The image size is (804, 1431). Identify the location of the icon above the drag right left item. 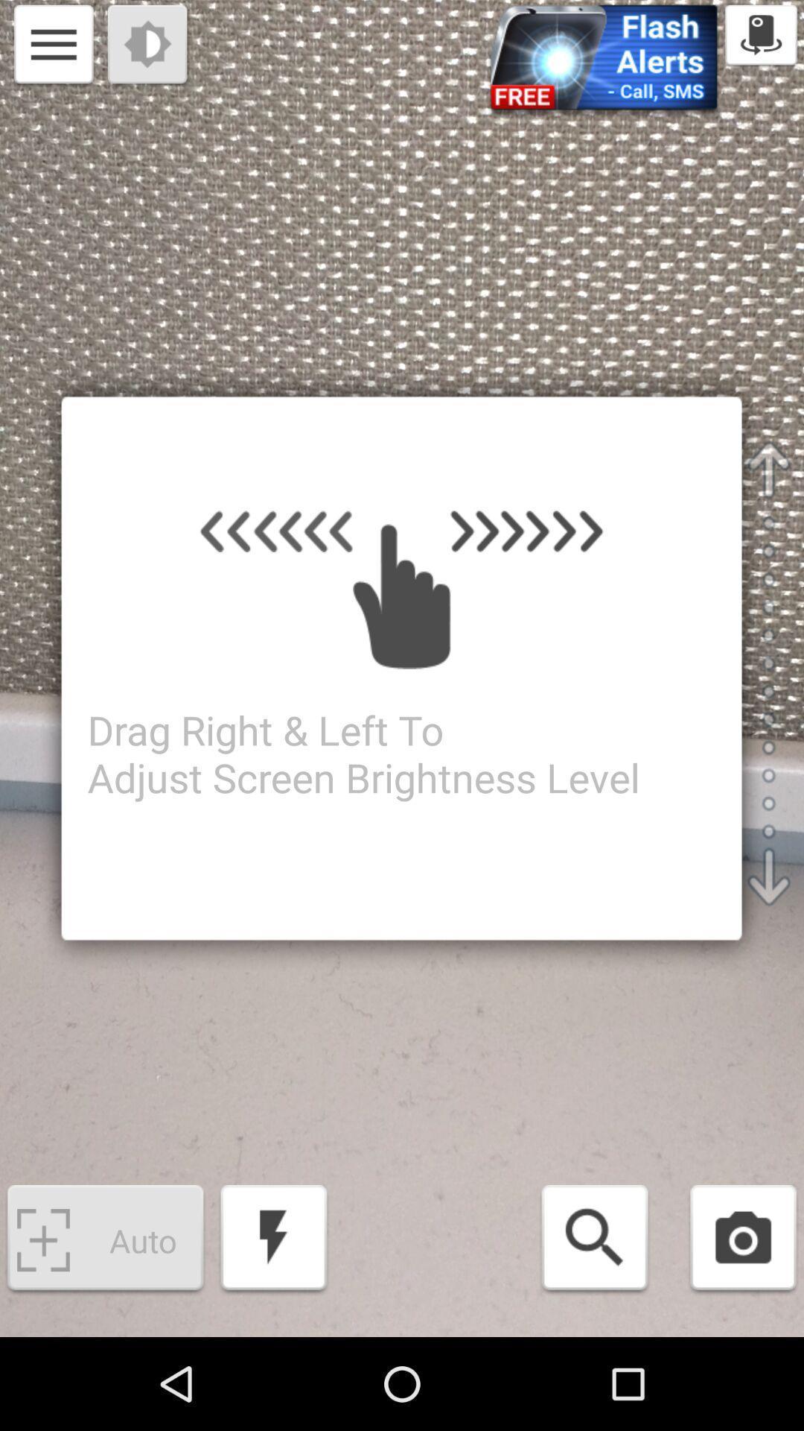
(149, 46).